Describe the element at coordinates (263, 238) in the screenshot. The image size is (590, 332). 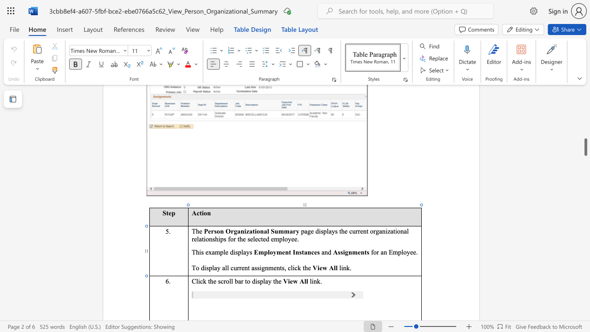
I see `the space between the continuous character "t" and "e" in the text` at that location.